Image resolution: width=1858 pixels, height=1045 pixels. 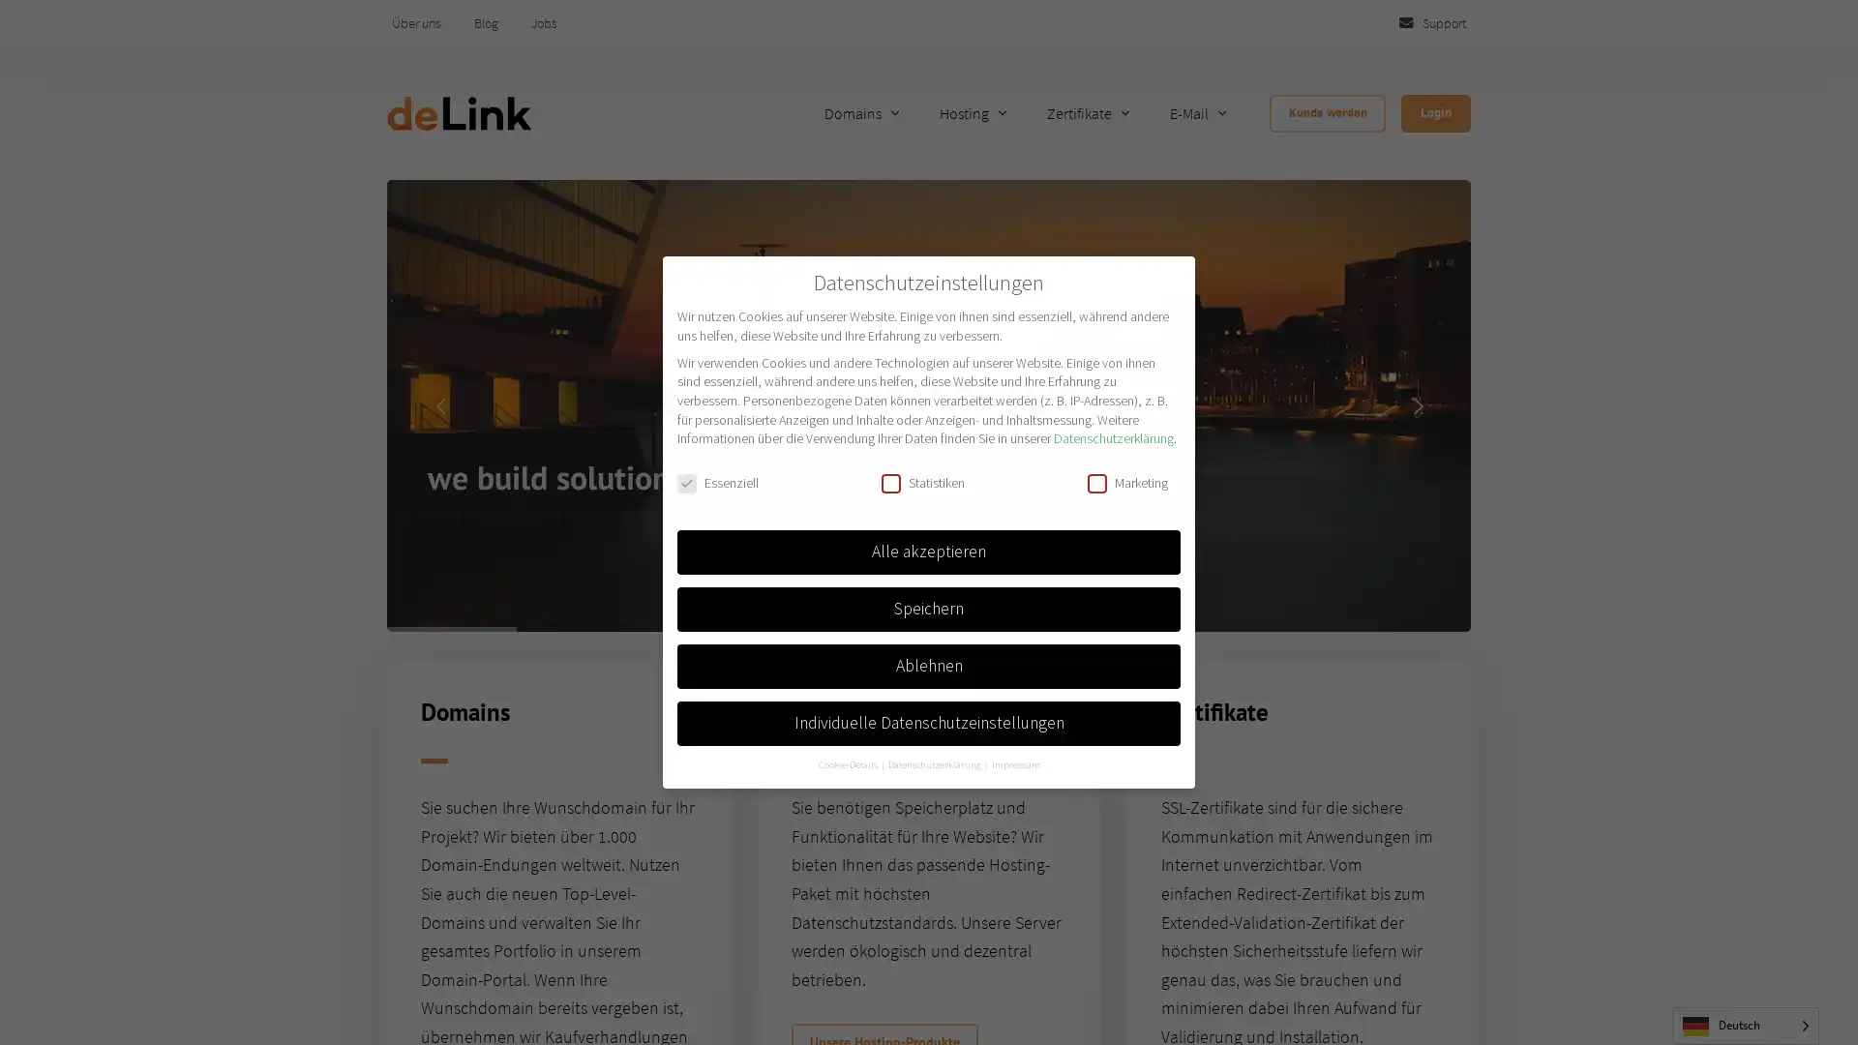 I want to click on Individuelle Datenschutzeinstellungen, so click(x=929, y=723).